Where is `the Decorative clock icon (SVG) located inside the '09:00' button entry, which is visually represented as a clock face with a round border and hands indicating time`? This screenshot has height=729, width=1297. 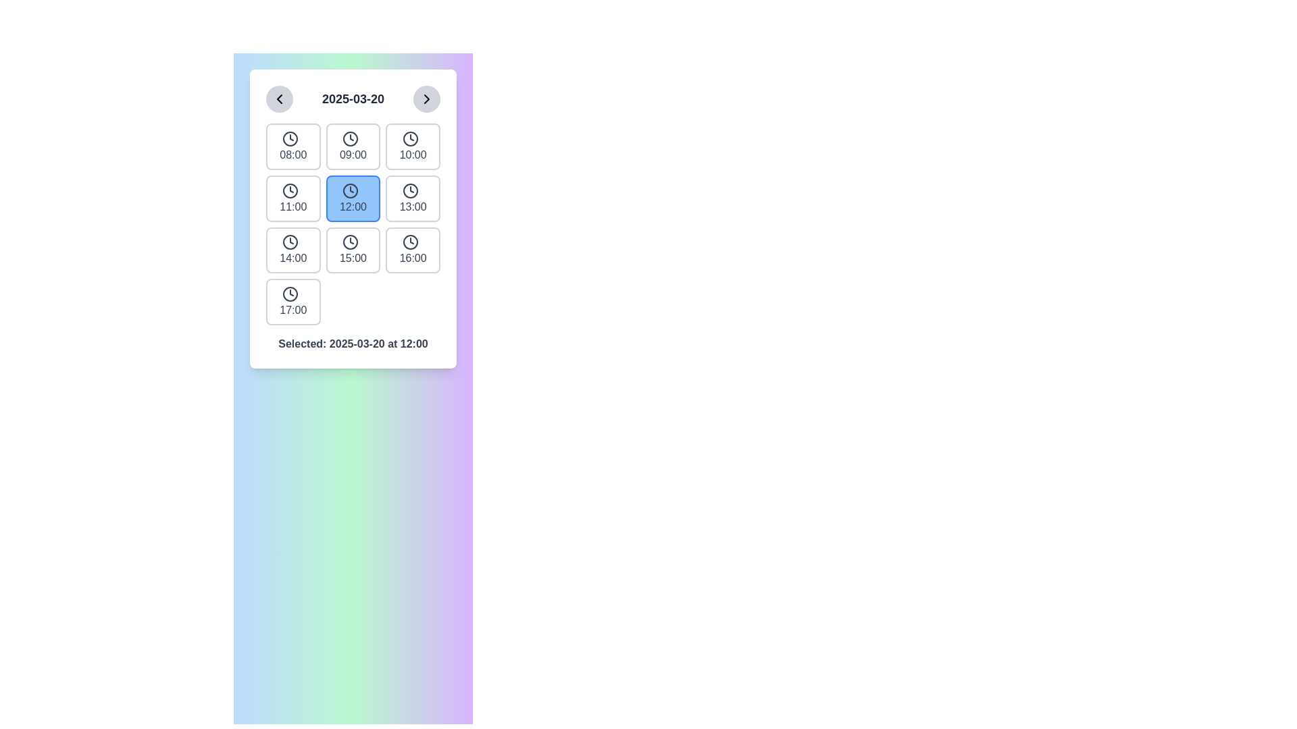
the Decorative clock icon (SVG) located inside the '09:00' button entry, which is visually represented as a clock face with a round border and hands indicating time is located at coordinates (350, 138).